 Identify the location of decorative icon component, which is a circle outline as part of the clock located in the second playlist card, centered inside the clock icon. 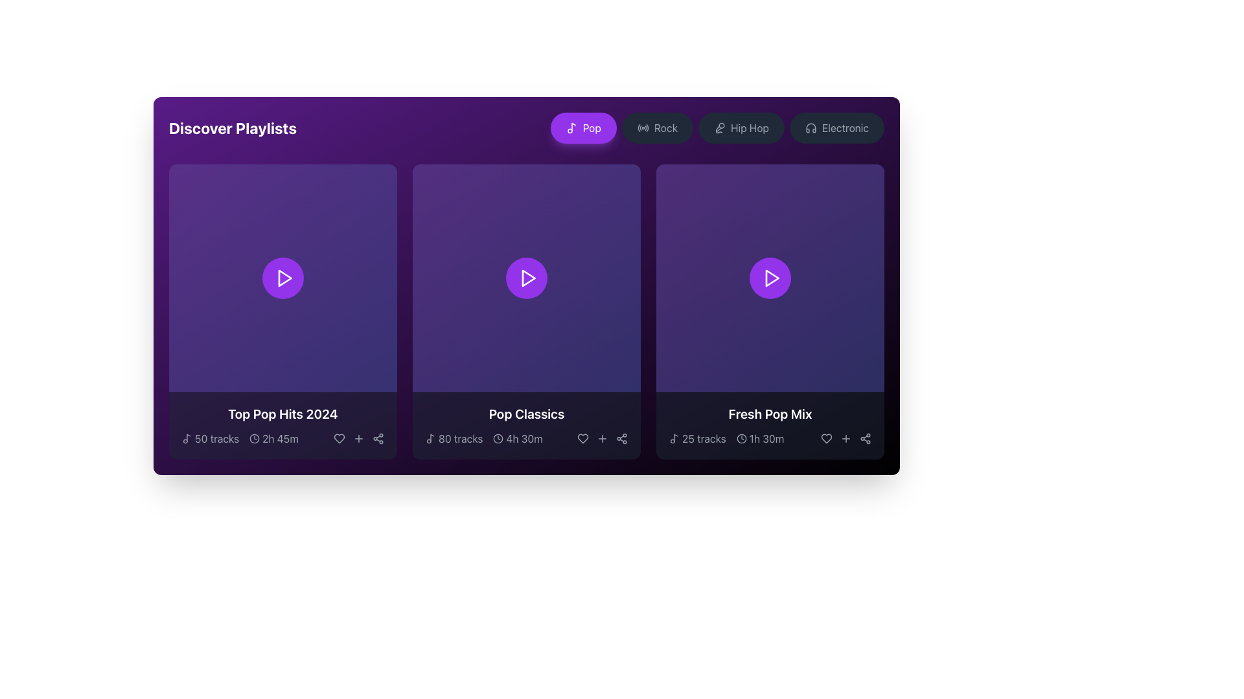
(498, 438).